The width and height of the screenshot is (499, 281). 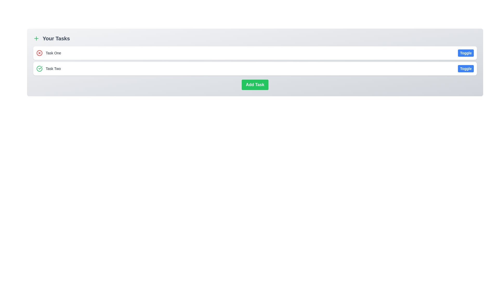 What do you see at coordinates (49, 68) in the screenshot?
I see `text label 'Task Two' which is styled with a small font and medium weight, located in the second task row of the task list, beside a green checkmark icon` at bounding box center [49, 68].